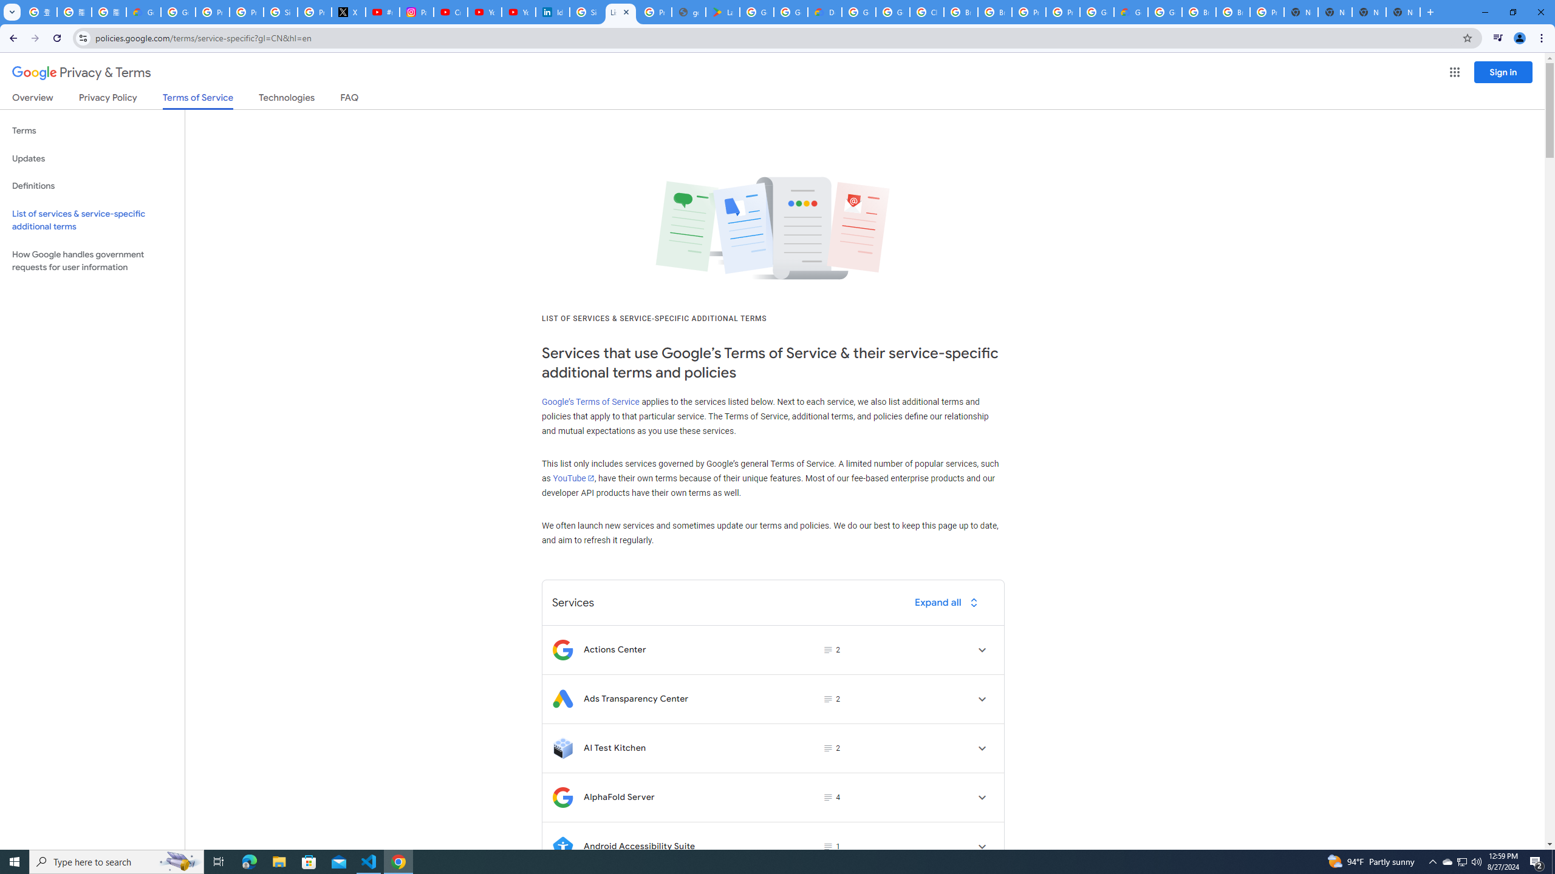 This screenshot has height=874, width=1555. What do you see at coordinates (562, 846) in the screenshot?
I see `'Logo for Android Accessibility Suite'` at bounding box center [562, 846].